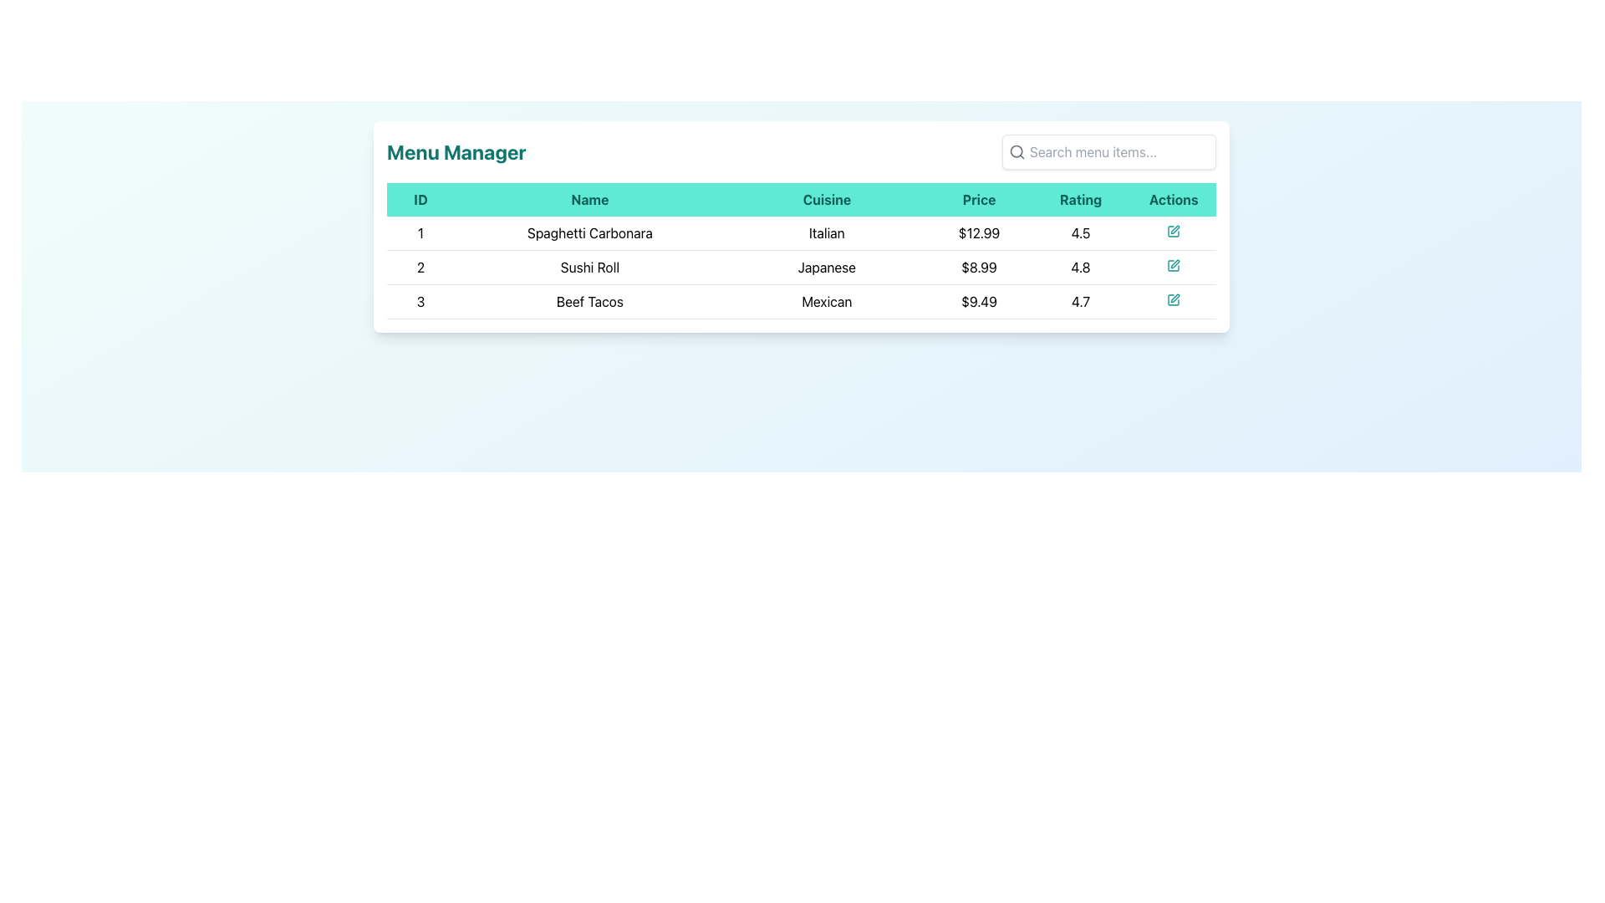  What do you see at coordinates (827, 233) in the screenshot?
I see `displayed text in the 'Cuisine' column for the menu item 'Spaghetti Carbonara', which shows 'Italian'` at bounding box center [827, 233].